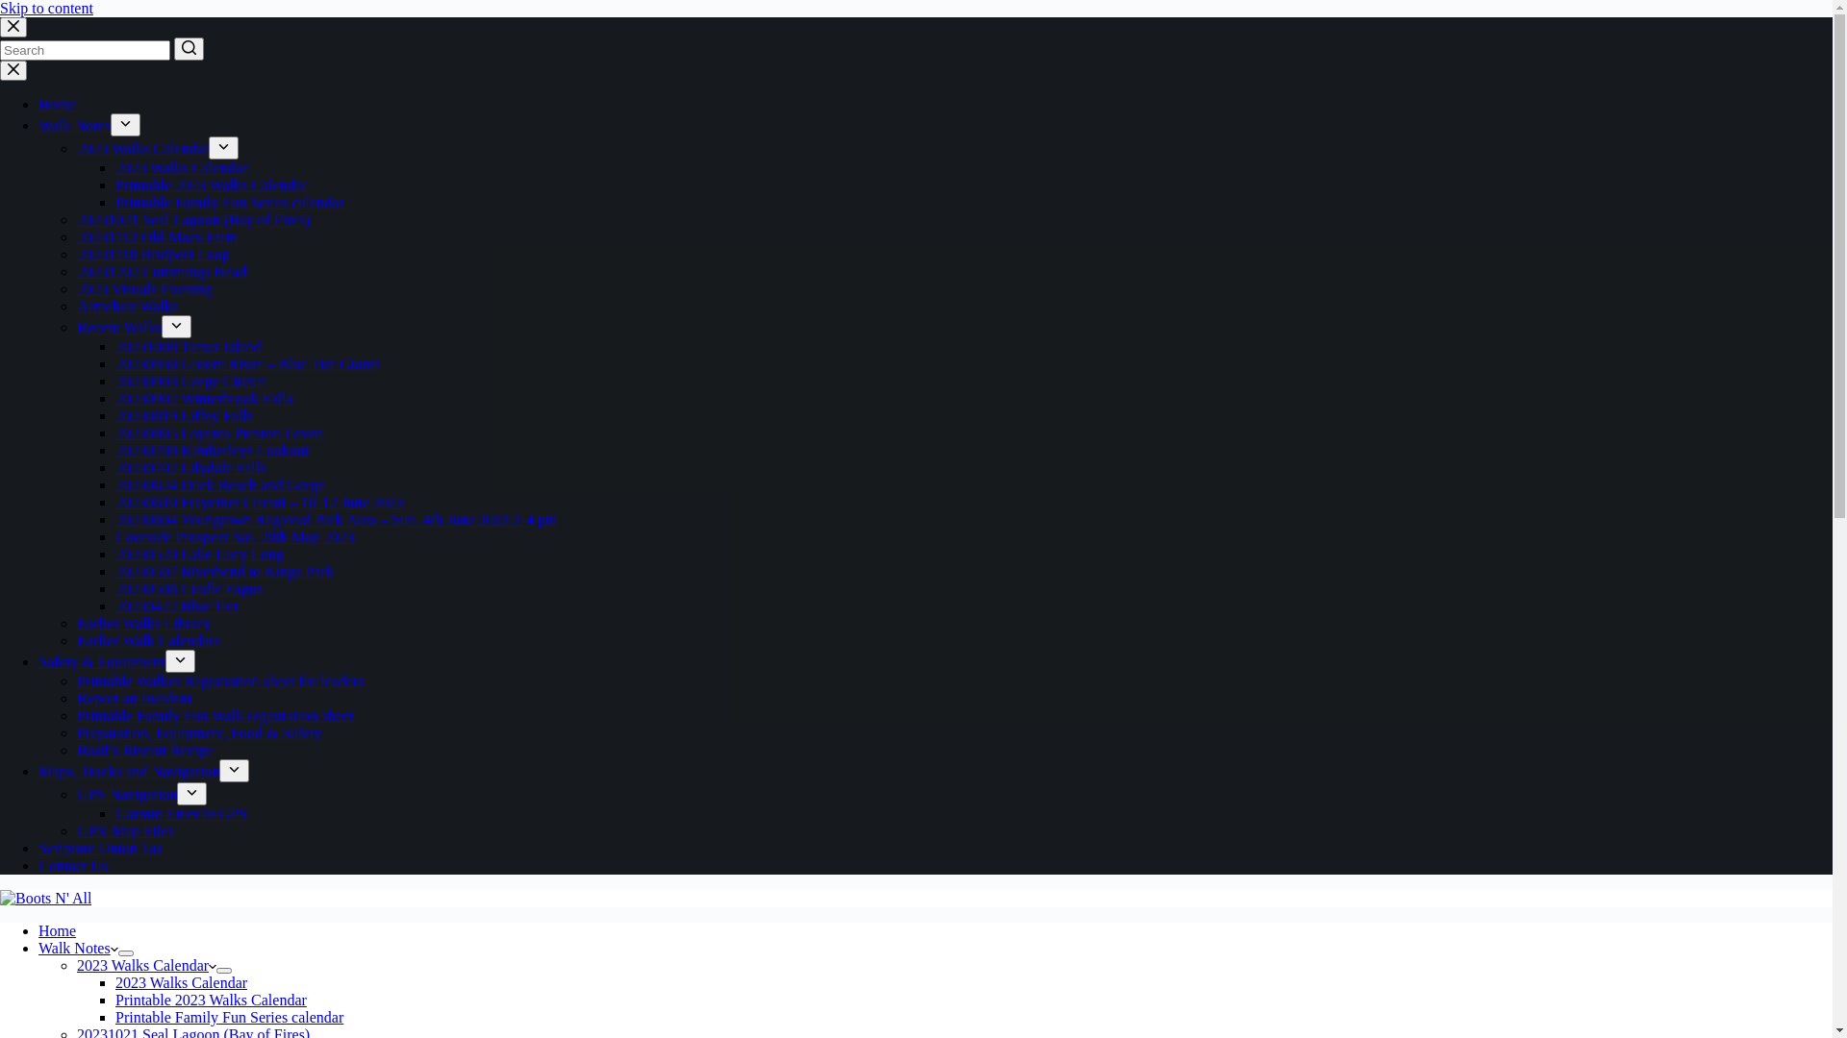 The width and height of the screenshot is (1847, 1038). What do you see at coordinates (181, 166) in the screenshot?
I see `'2023 Walks Calendar'` at bounding box center [181, 166].